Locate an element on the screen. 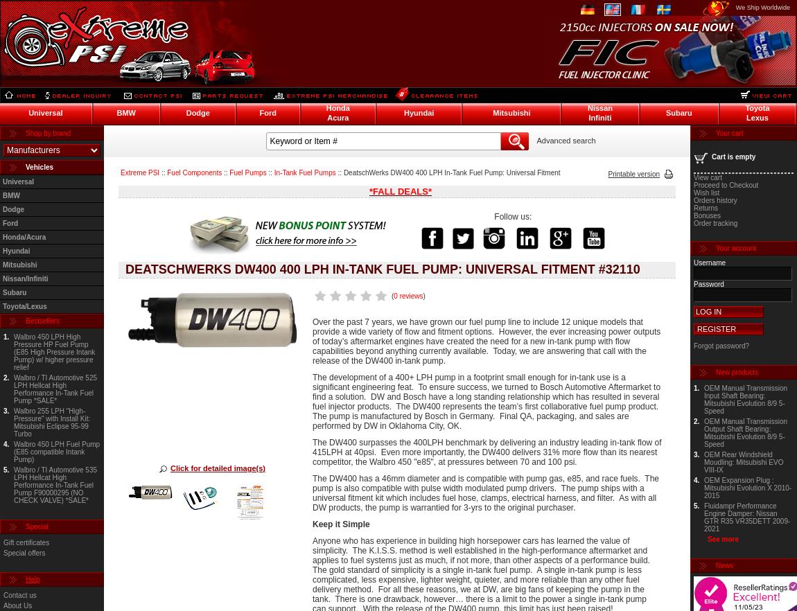  'Your account' is located at coordinates (736, 247).